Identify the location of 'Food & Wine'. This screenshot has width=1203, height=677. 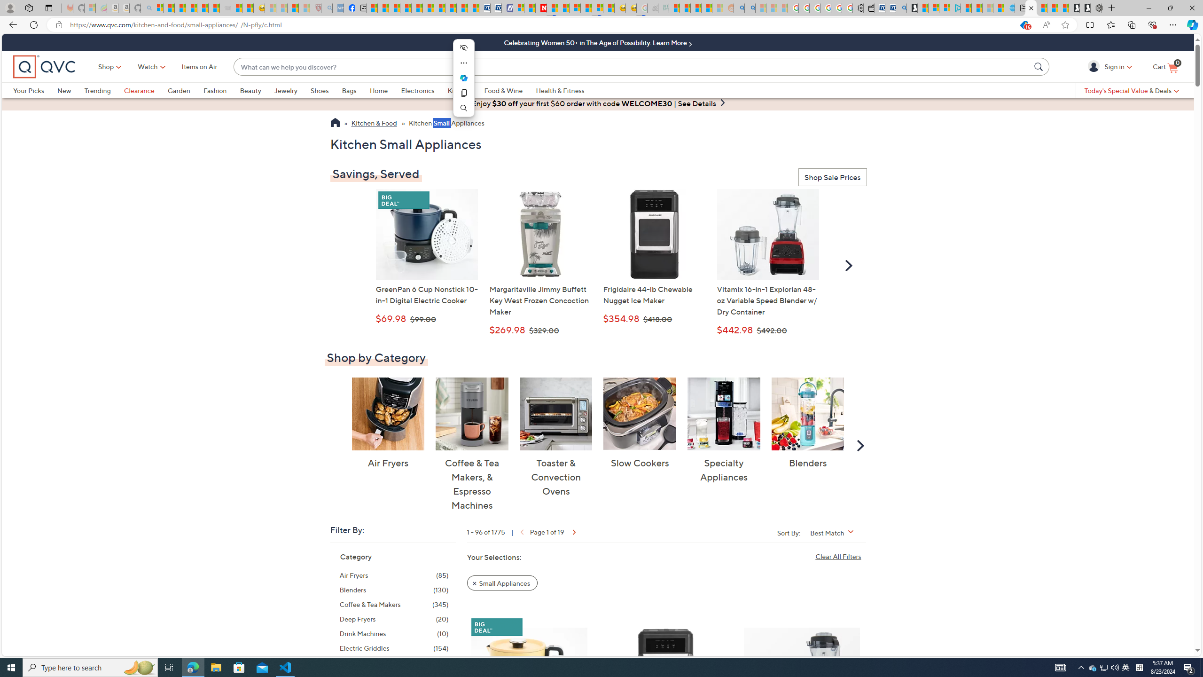
(503, 90).